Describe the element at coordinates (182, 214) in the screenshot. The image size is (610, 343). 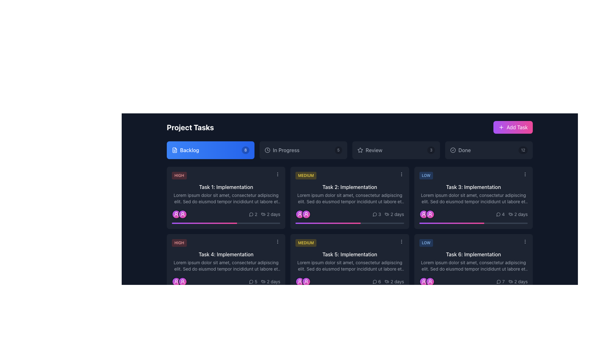
I see `the user associated with the user icon, which is a circular graphic with a gradient background from purple to pink, featuring a white minimalist outline of a person. This icon is located in the first column of the grid-style task board under the 'Backlog' section` at that location.